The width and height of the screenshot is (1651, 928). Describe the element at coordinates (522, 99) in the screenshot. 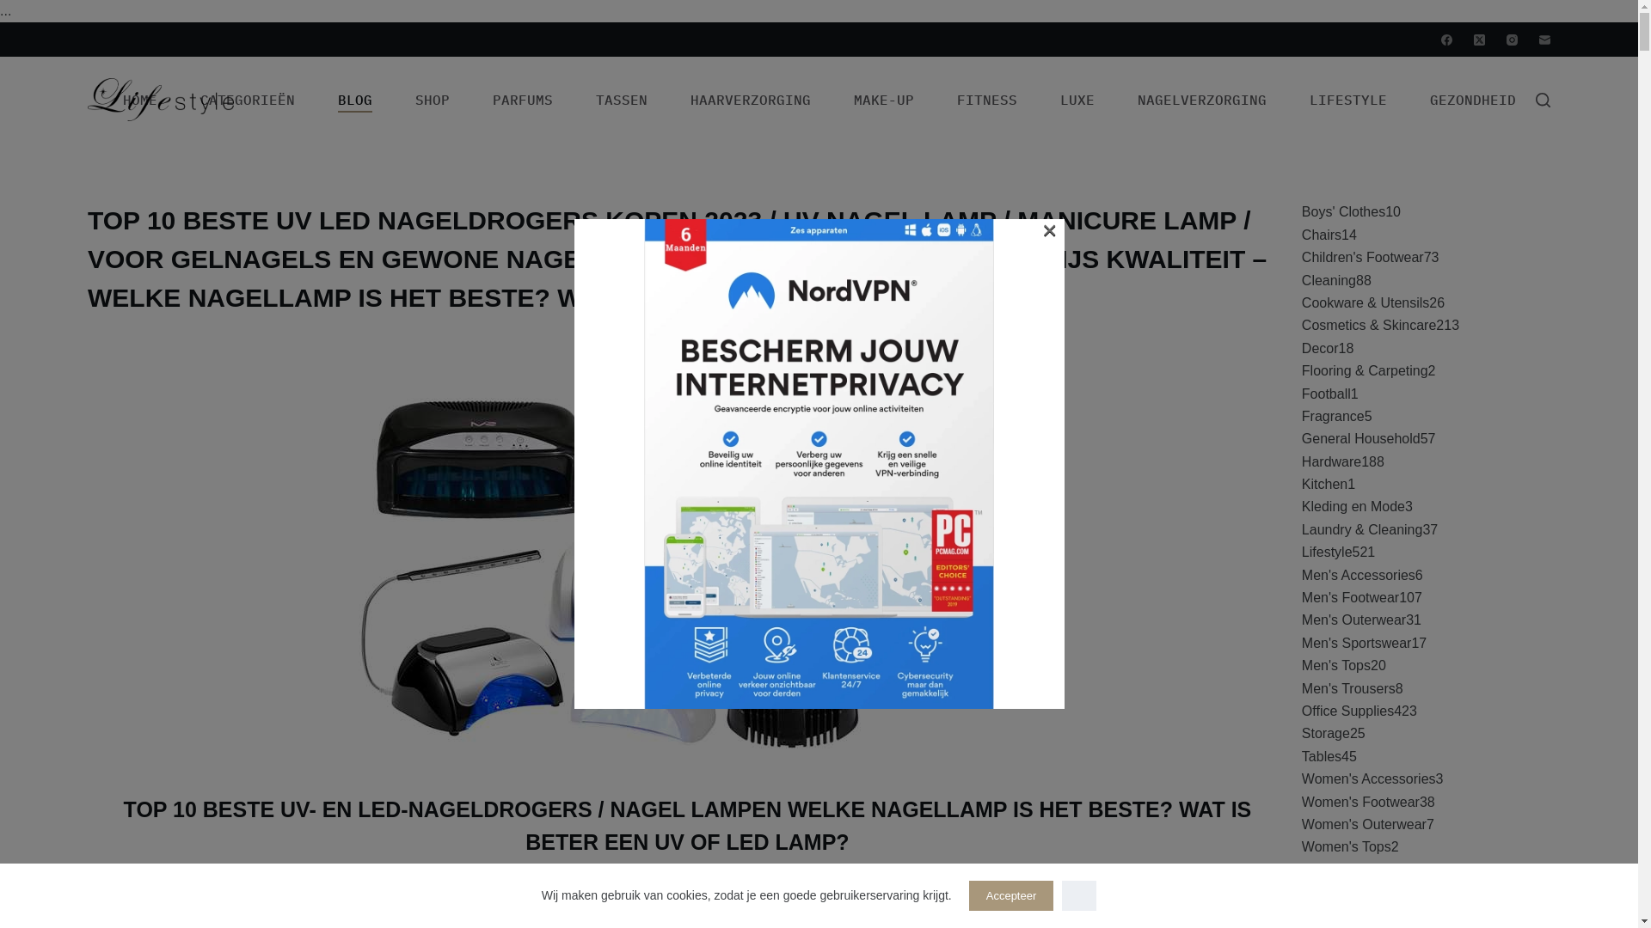

I see `'PARFUMS'` at that location.